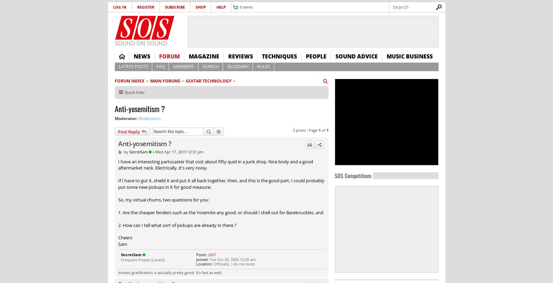 The width and height of the screenshot is (553, 283). Describe the element at coordinates (263, 66) in the screenshot. I see `'Rules'` at that location.